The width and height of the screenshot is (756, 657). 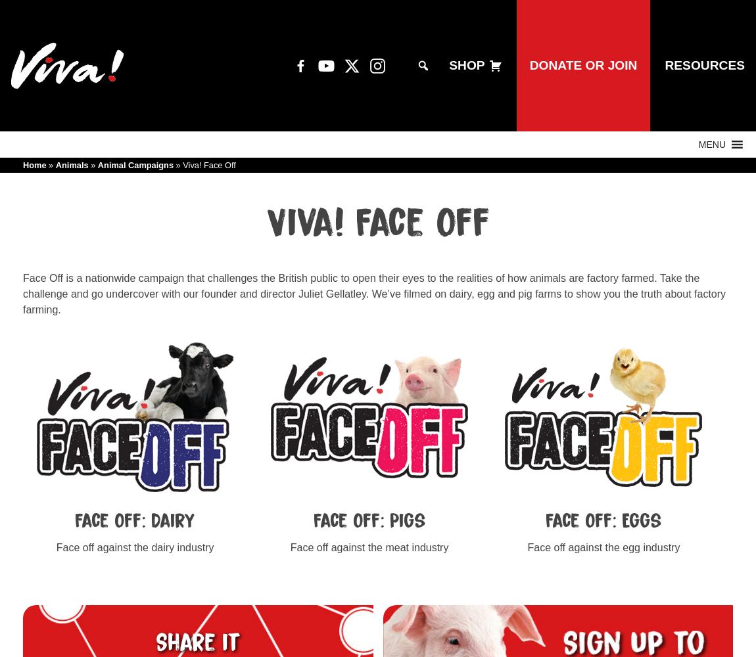 I want to click on 'Face off against the egg industry', so click(x=603, y=547).